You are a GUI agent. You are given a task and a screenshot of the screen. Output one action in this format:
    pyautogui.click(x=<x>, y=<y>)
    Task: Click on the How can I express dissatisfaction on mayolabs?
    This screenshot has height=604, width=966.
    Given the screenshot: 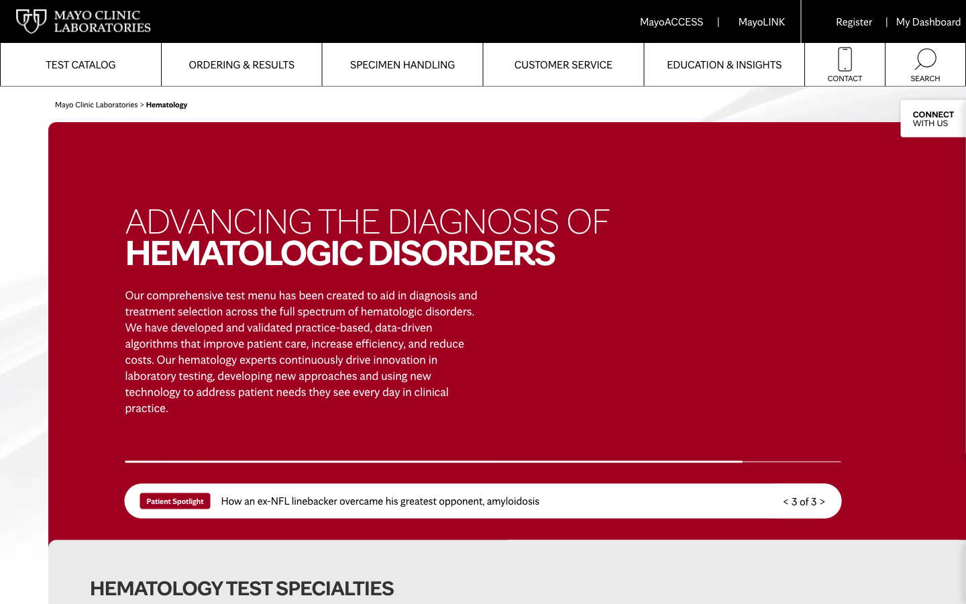 What is the action you would take?
    pyautogui.click(x=563, y=64)
    